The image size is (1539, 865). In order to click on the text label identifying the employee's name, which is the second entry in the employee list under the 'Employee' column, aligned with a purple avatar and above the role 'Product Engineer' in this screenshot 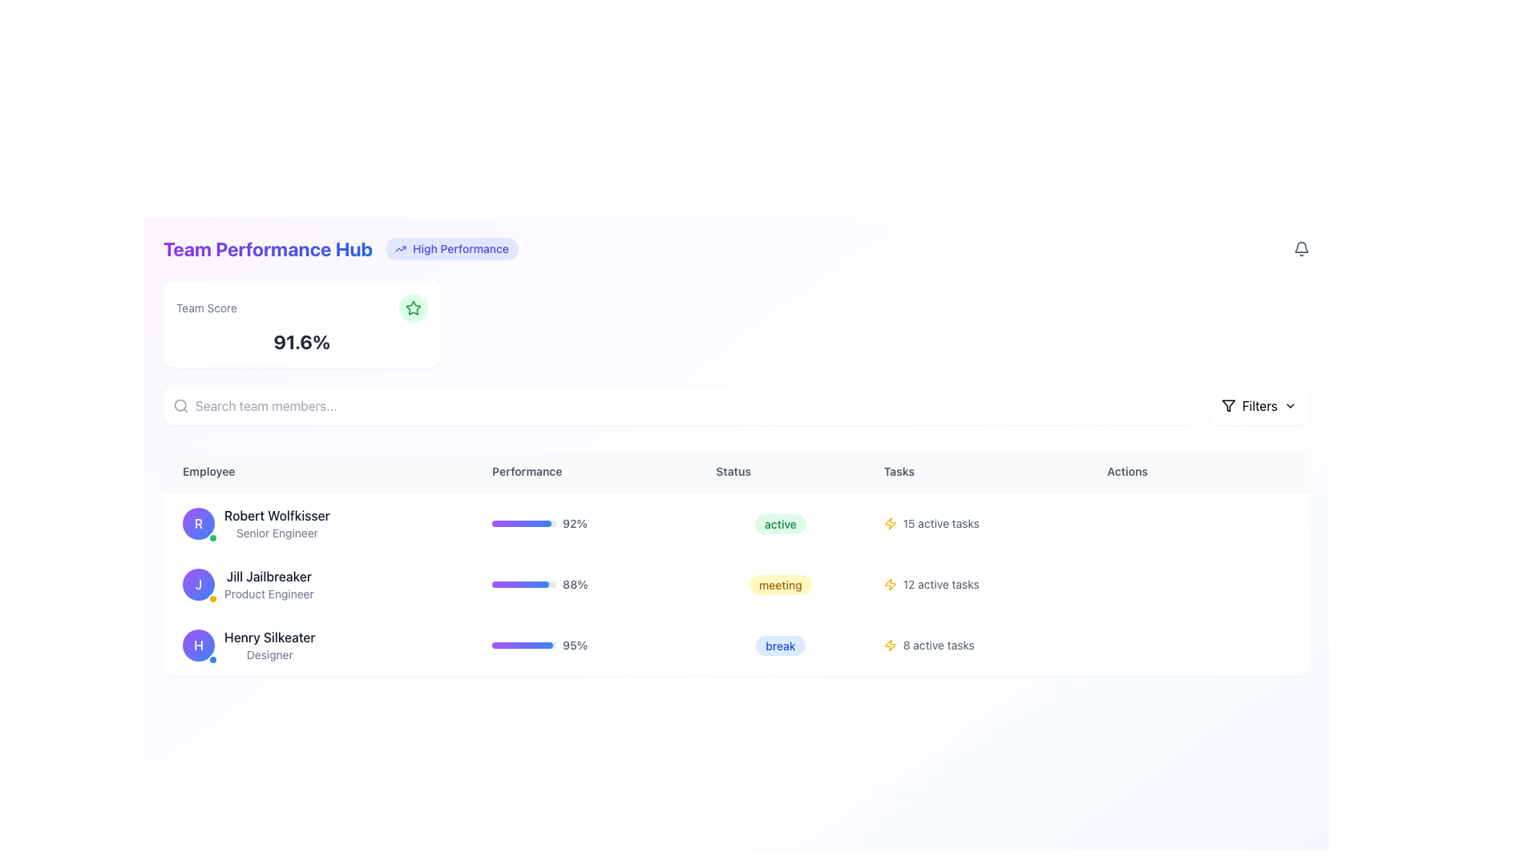, I will do `click(269, 577)`.